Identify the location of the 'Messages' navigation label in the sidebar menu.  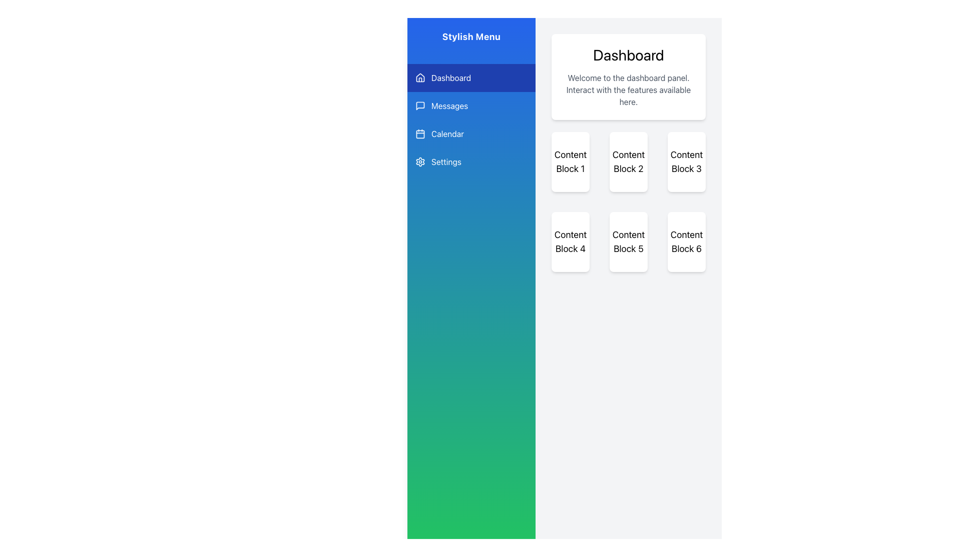
(449, 106).